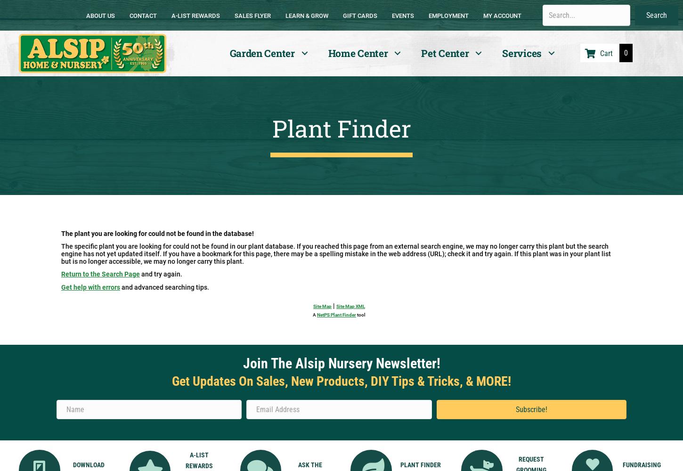 This screenshot has height=471, width=683. Describe the element at coordinates (515, 408) in the screenshot. I see `'Subscribe!'` at that location.